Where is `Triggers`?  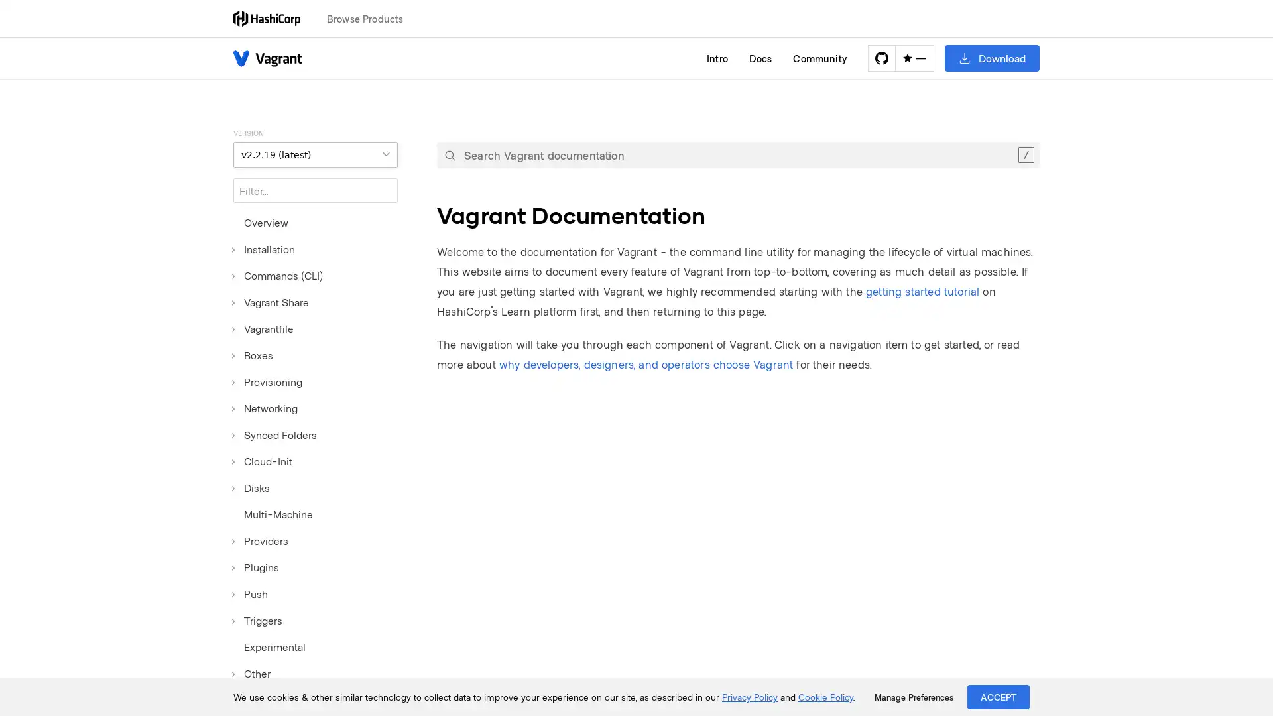 Triggers is located at coordinates (257, 621).